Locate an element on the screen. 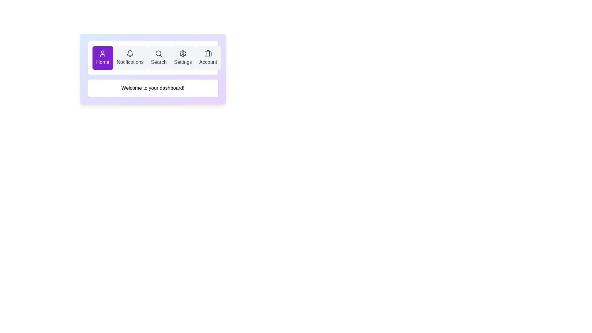  the bell-shaped notification icon located in the top navigation bar to trigger a tooltip if available is located at coordinates (130, 52).